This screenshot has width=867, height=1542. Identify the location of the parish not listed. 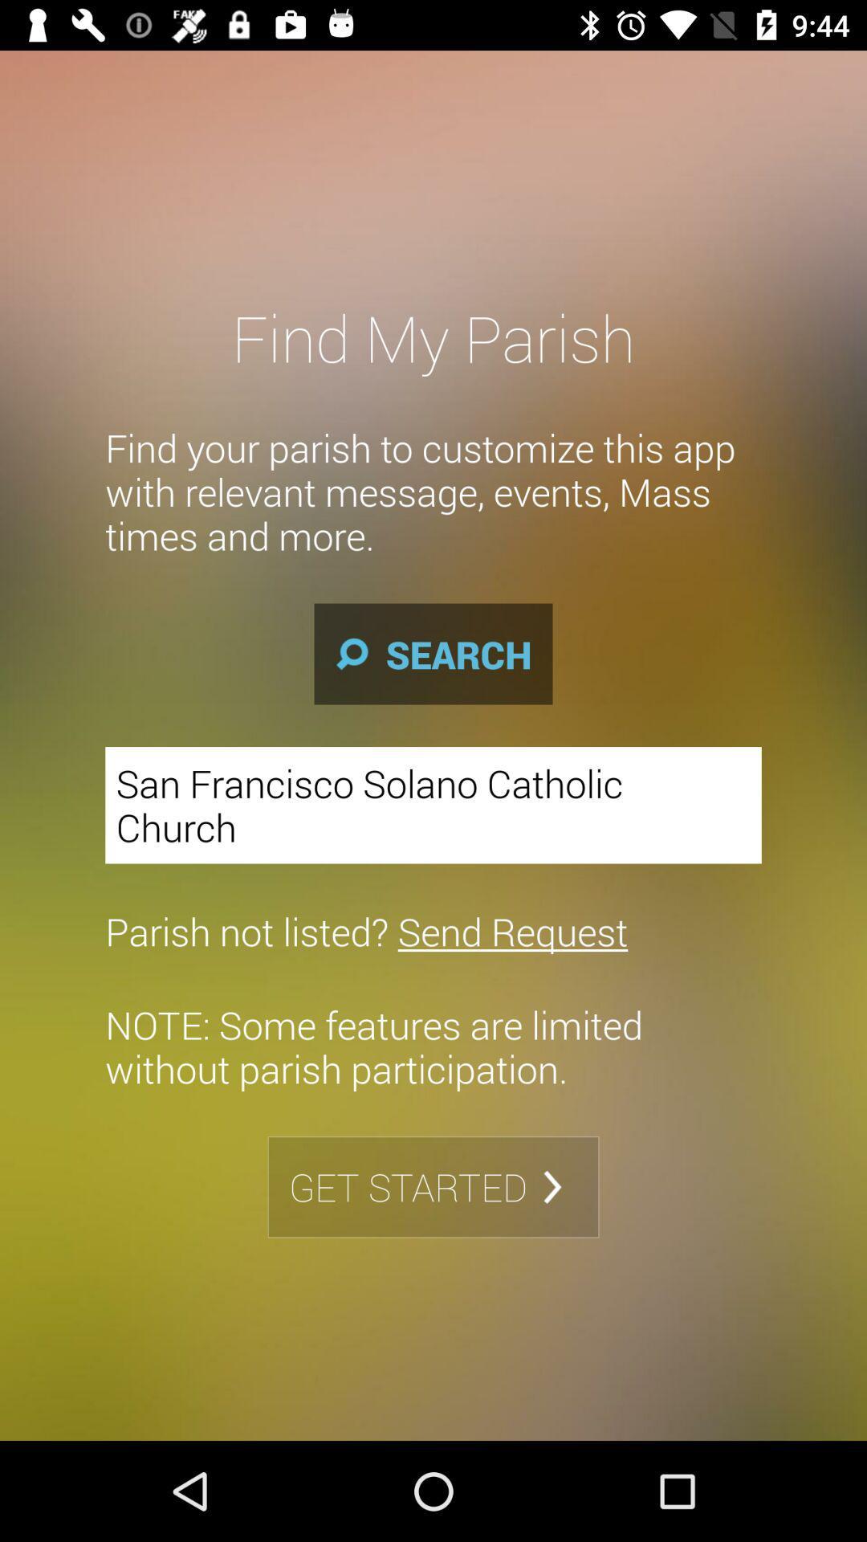
(366, 931).